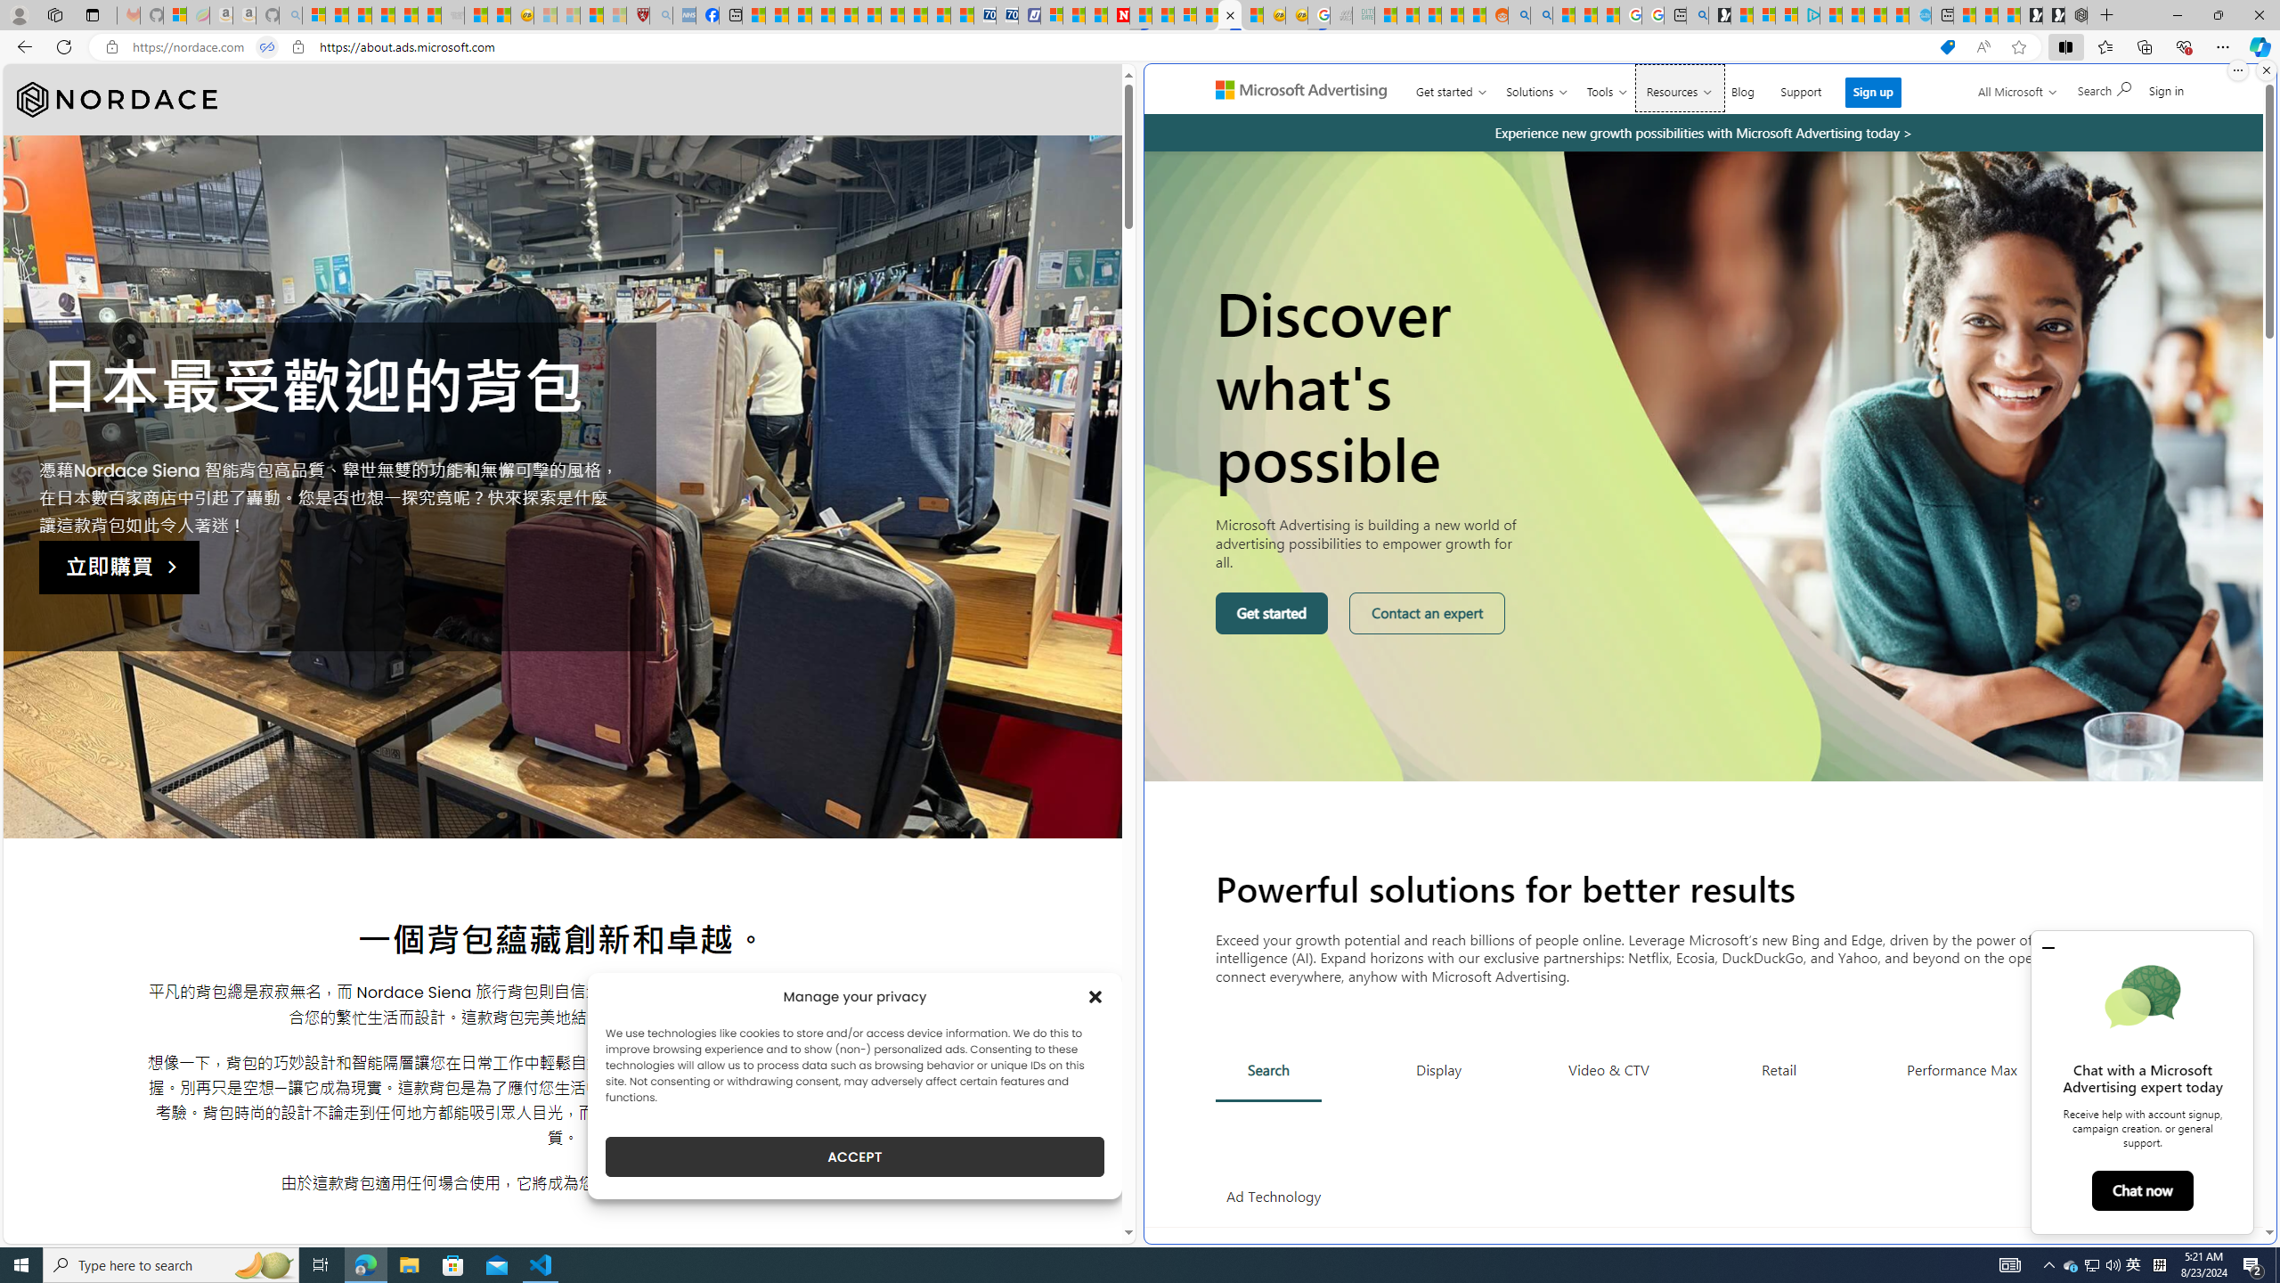  What do you see at coordinates (1540, 14) in the screenshot?
I see `'Utah sues federal government - Search'` at bounding box center [1540, 14].